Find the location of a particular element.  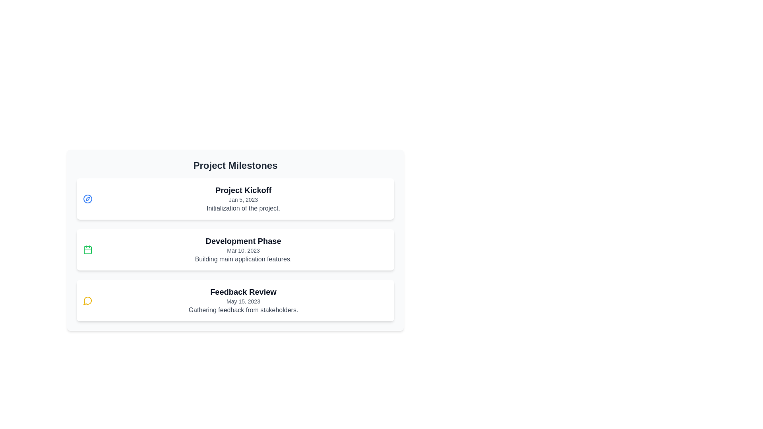

the label or header text for the milestone 'Development Phase', which is positioned centrally above the date and description elements is located at coordinates (243, 240).